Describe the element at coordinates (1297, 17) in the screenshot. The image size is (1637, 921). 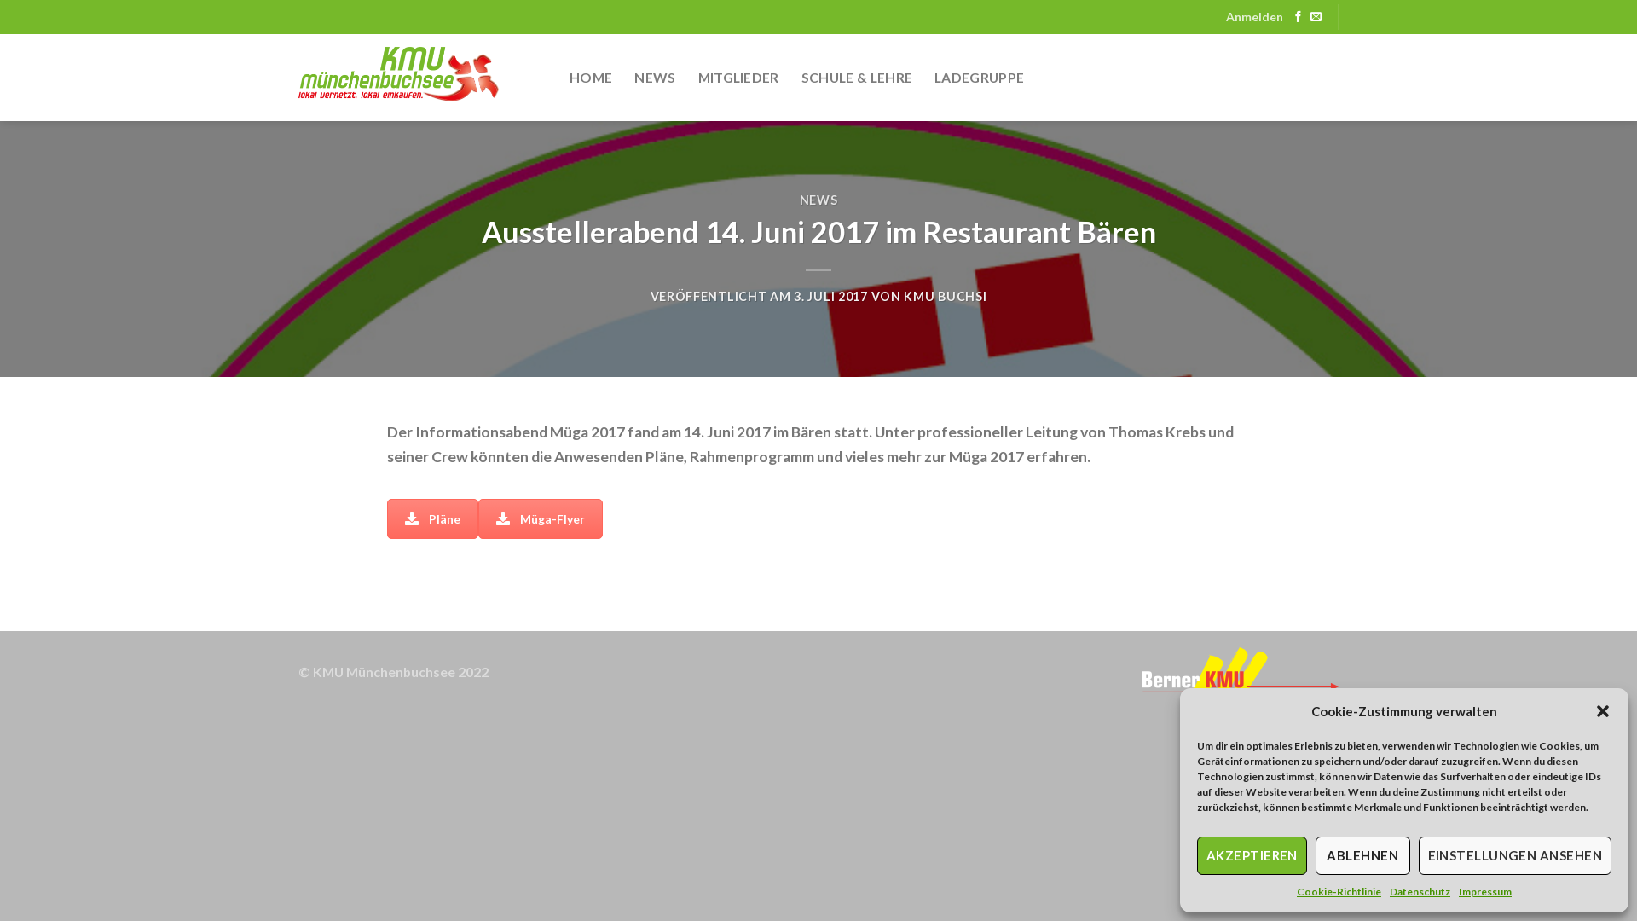
I see `'Auf Facebook folgen'` at that location.